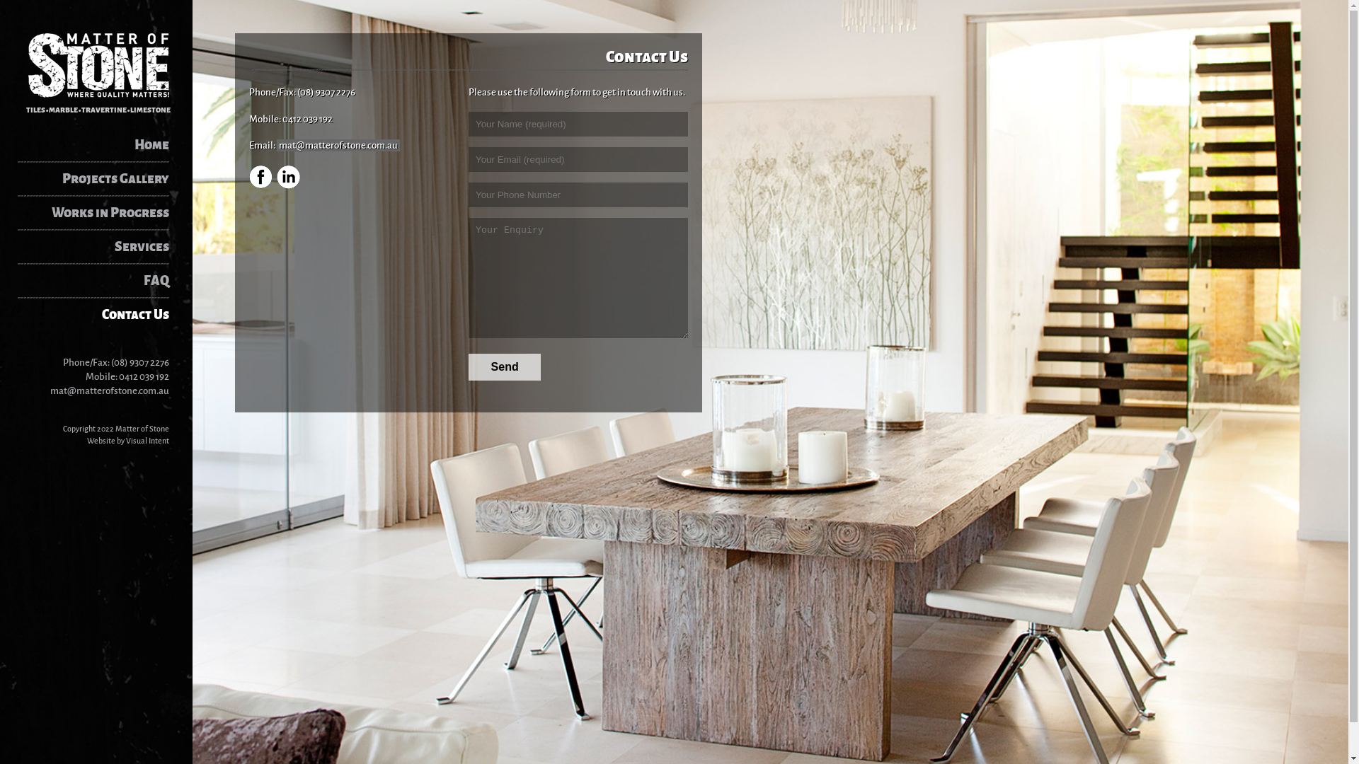 The height and width of the screenshot is (764, 1359). What do you see at coordinates (108, 390) in the screenshot?
I see `'mat@matterofstone.com.au'` at bounding box center [108, 390].